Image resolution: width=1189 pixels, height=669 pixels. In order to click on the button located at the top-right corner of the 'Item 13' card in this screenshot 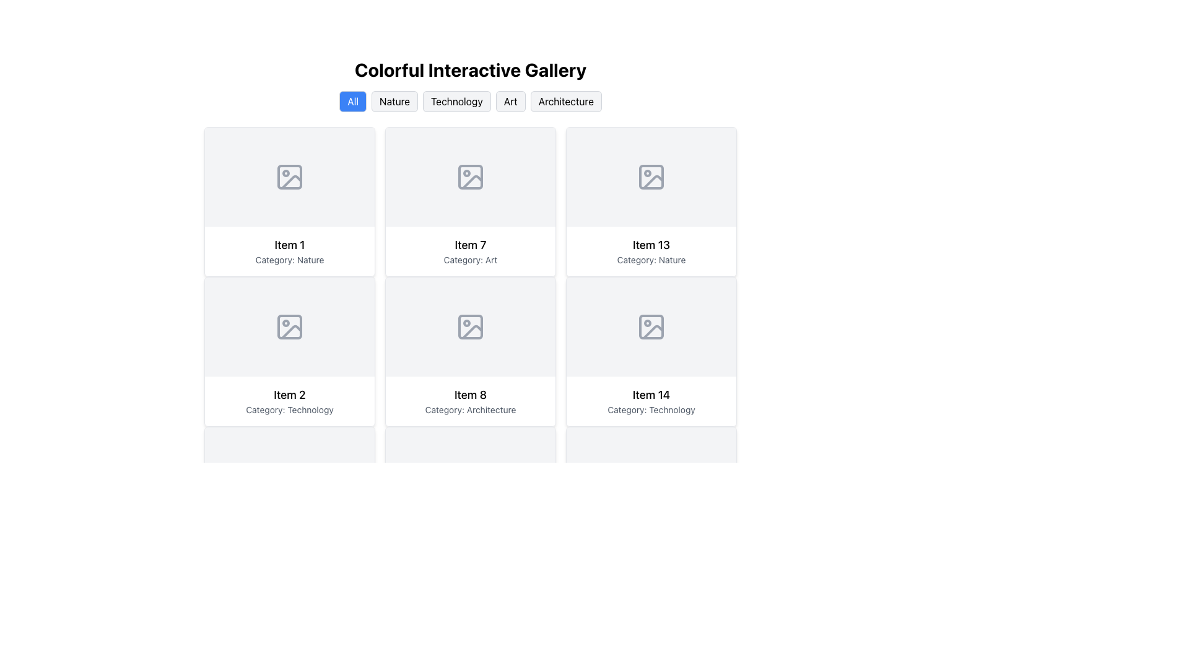, I will do `click(636, 201)`.